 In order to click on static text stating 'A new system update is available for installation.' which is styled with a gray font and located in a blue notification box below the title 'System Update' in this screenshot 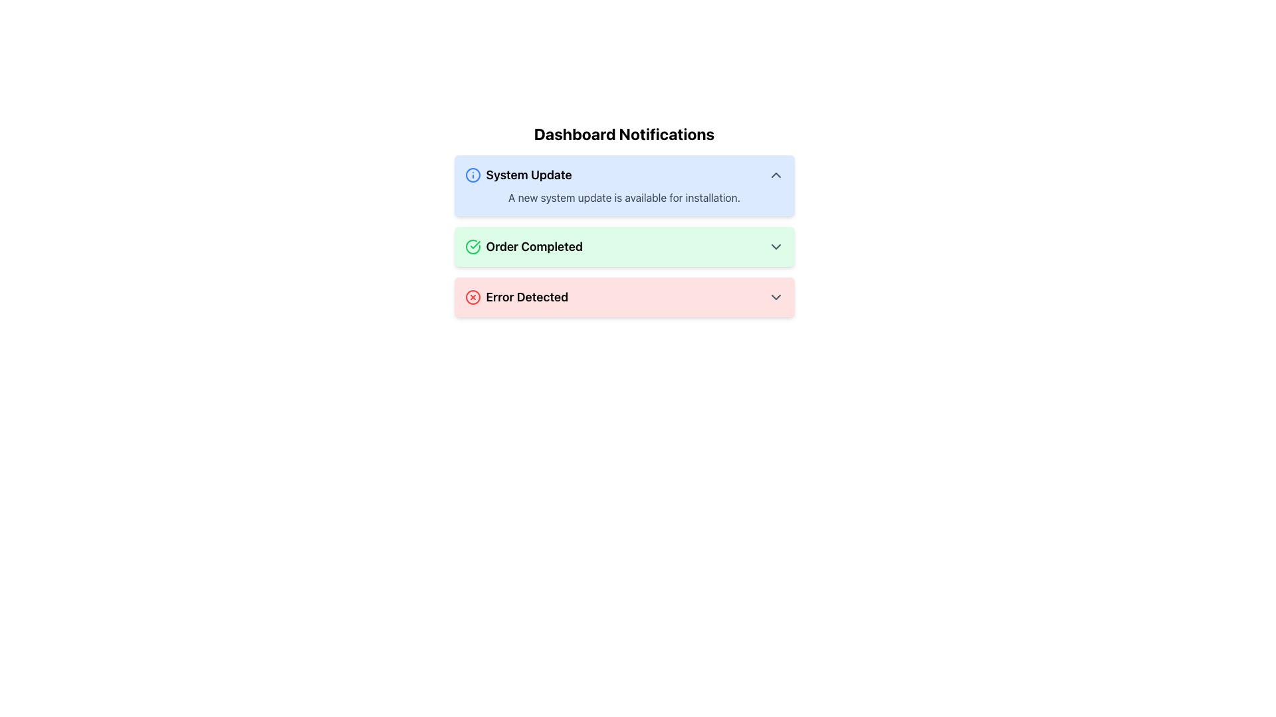, I will do `click(623, 197)`.